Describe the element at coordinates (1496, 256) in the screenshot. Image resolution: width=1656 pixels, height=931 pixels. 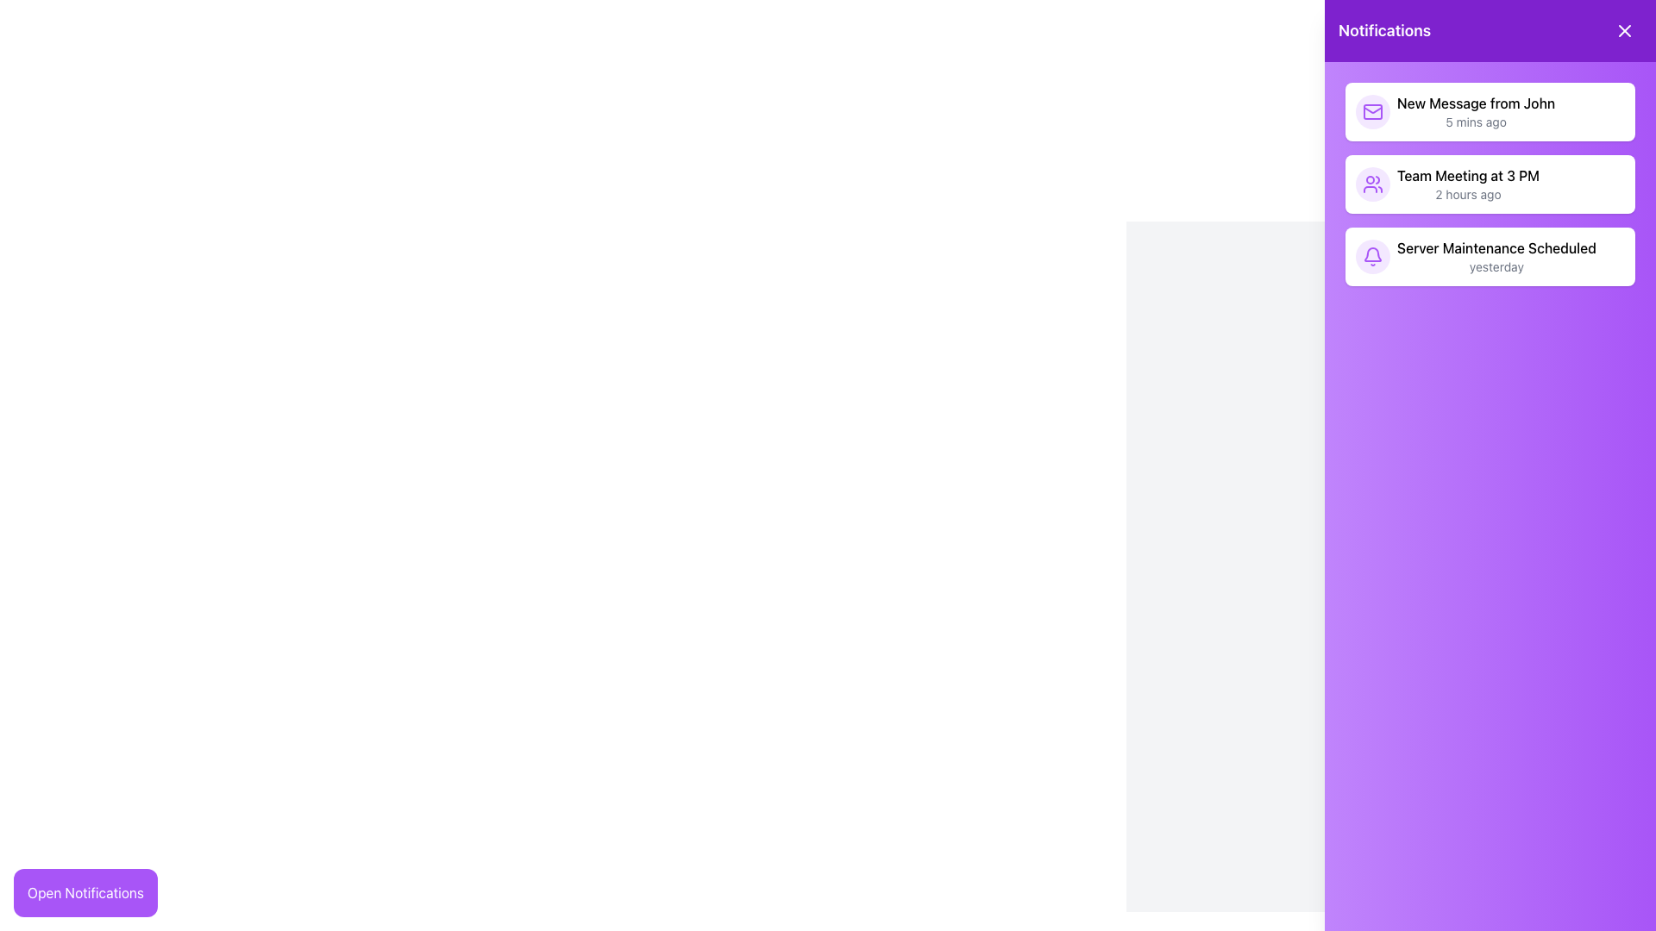
I see `the 'Server Maintenance' notification message in the notifications panel, which is the third item in the list, indicating a scheduled event with the timing 'yesterday'` at that location.